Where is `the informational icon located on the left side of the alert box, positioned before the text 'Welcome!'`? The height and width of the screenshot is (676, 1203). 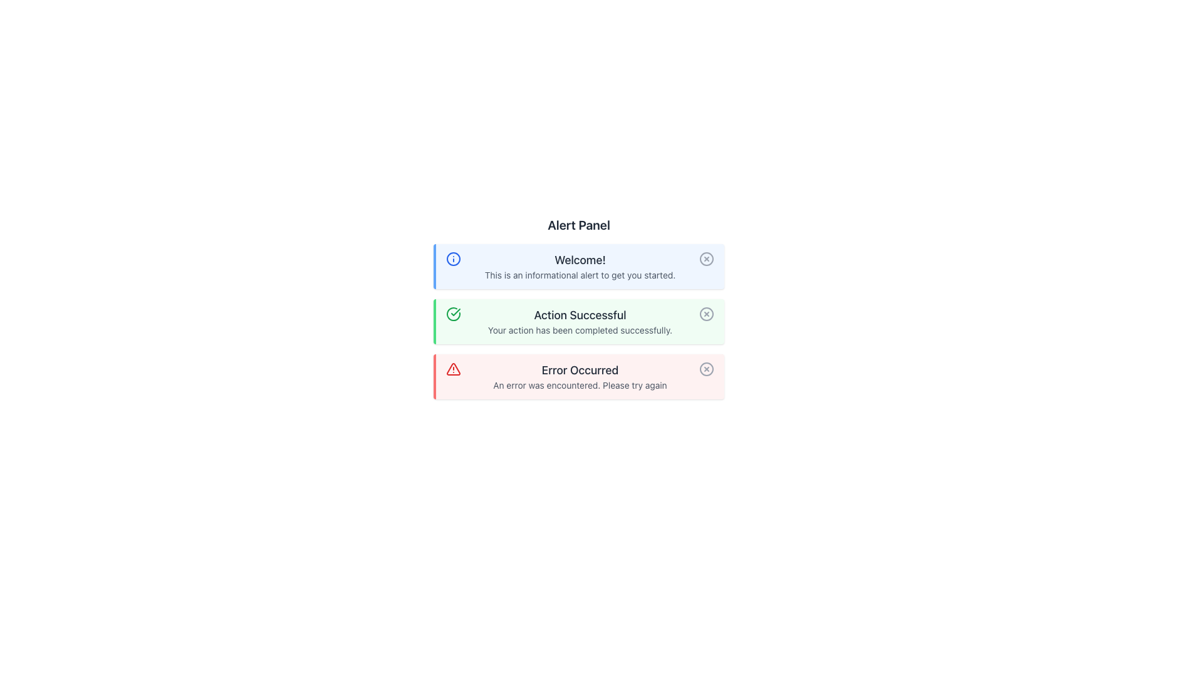
the informational icon located on the left side of the alert box, positioned before the text 'Welcome!' is located at coordinates (453, 258).